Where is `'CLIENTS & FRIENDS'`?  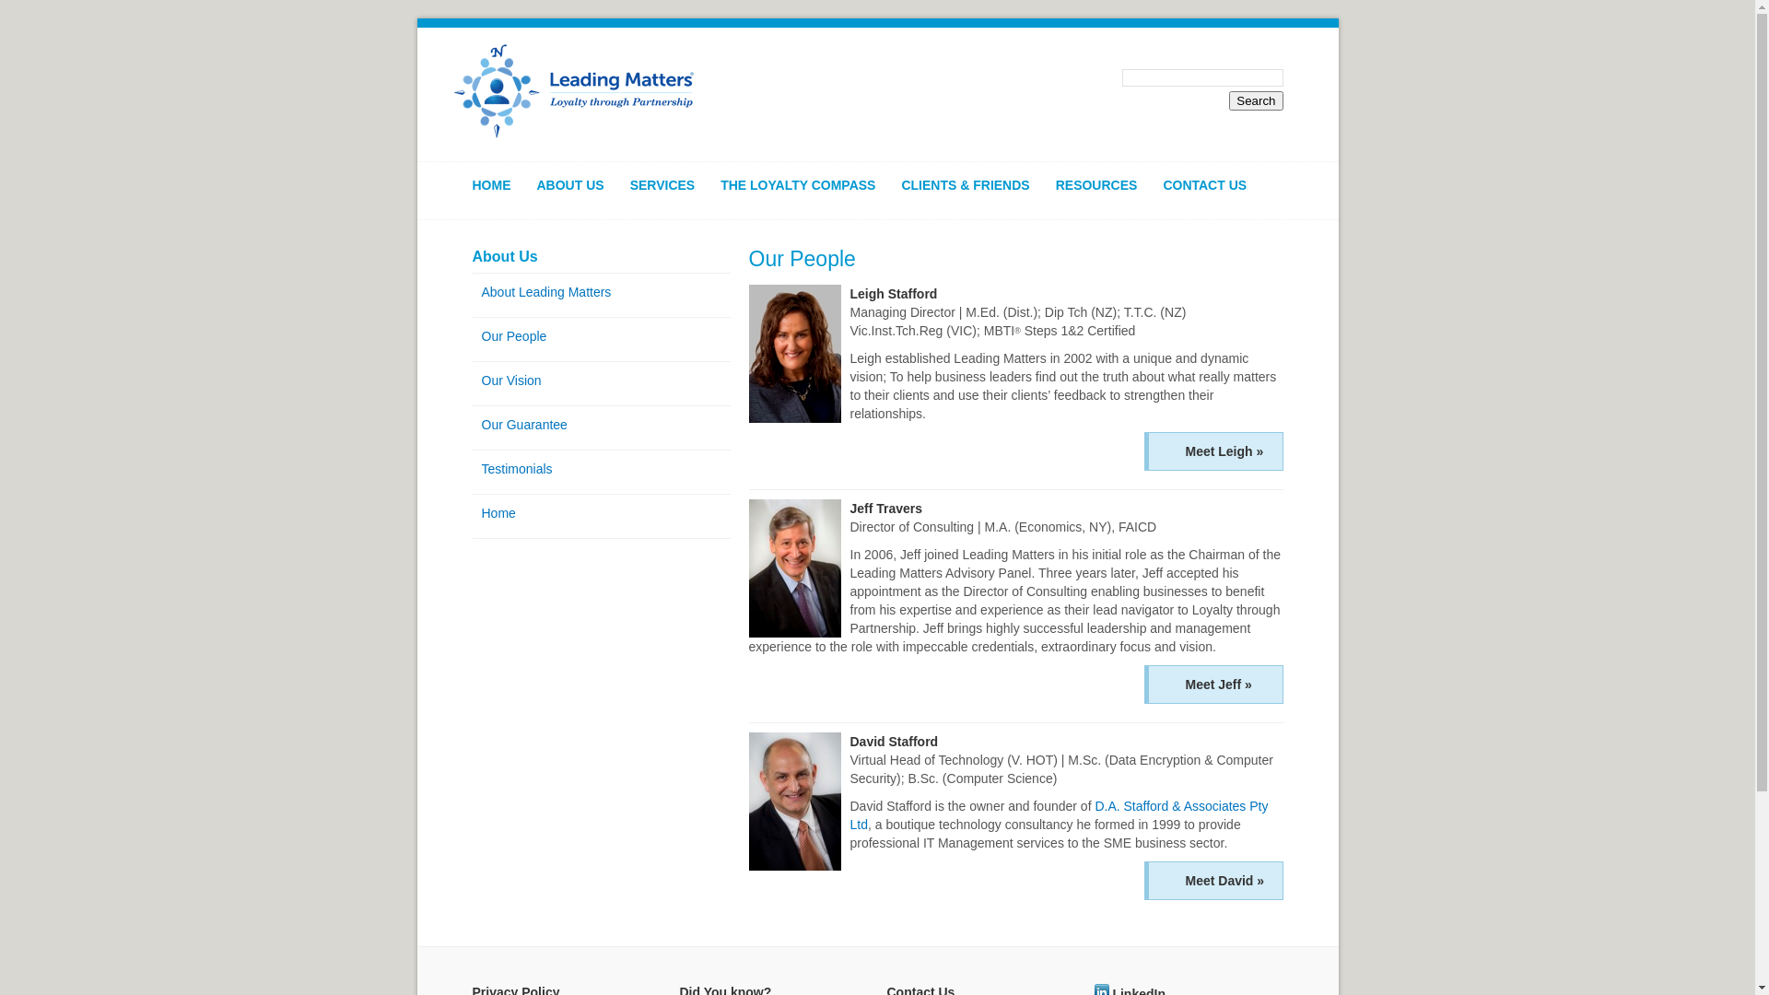
'CLIENTS & FRIENDS' is located at coordinates (973, 194).